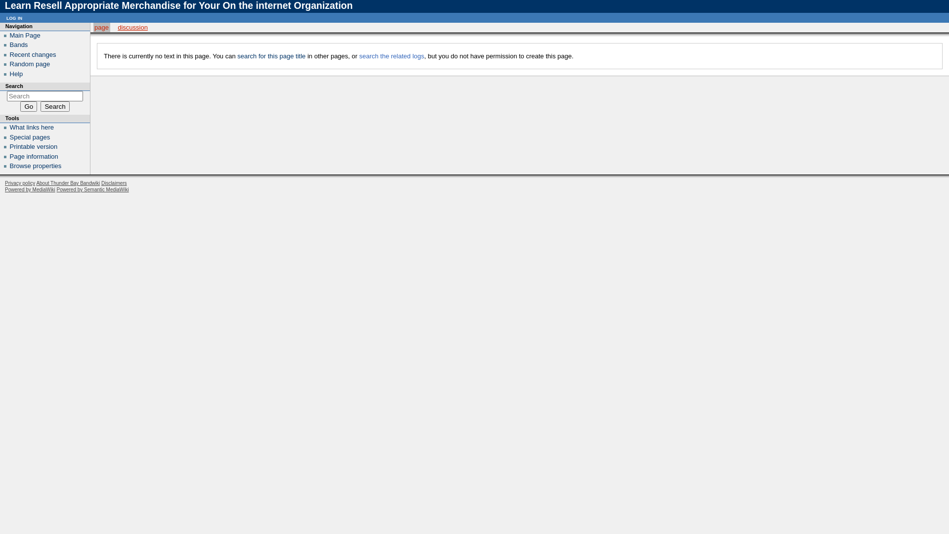 The width and height of the screenshot is (949, 534). What do you see at coordinates (9, 137) in the screenshot?
I see `'Special pages'` at bounding box center [9, 137].